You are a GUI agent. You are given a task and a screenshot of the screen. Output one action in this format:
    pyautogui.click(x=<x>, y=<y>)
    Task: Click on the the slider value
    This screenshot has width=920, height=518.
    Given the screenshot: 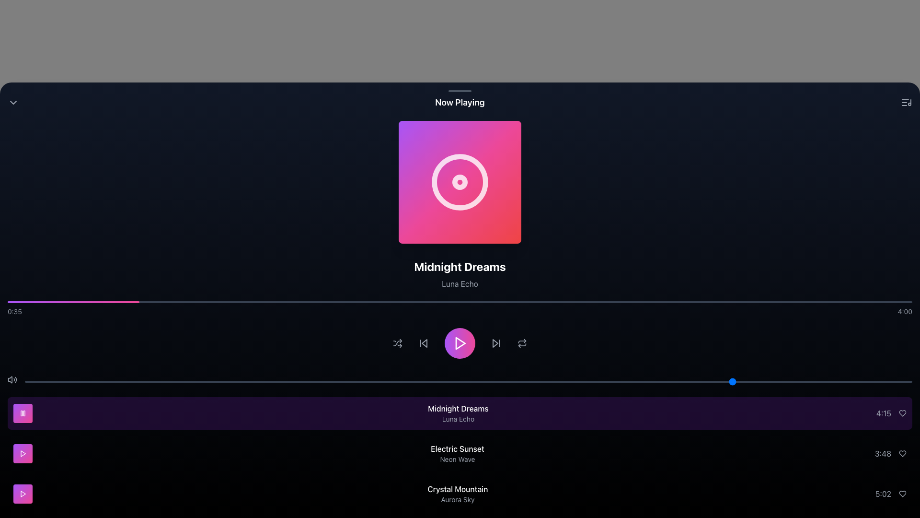 What is the action you would take?
    pyautogui.click(x=309, y=381)
    